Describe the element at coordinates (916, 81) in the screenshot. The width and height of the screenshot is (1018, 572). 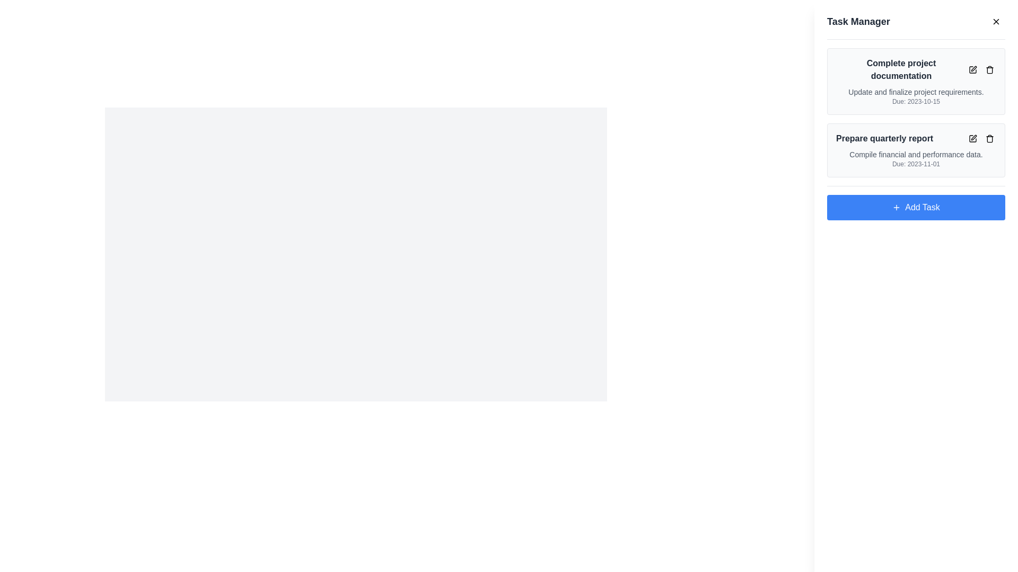
I see `details of the task displayed on the task card located at the top of the 'Task Manager' section` at that location.